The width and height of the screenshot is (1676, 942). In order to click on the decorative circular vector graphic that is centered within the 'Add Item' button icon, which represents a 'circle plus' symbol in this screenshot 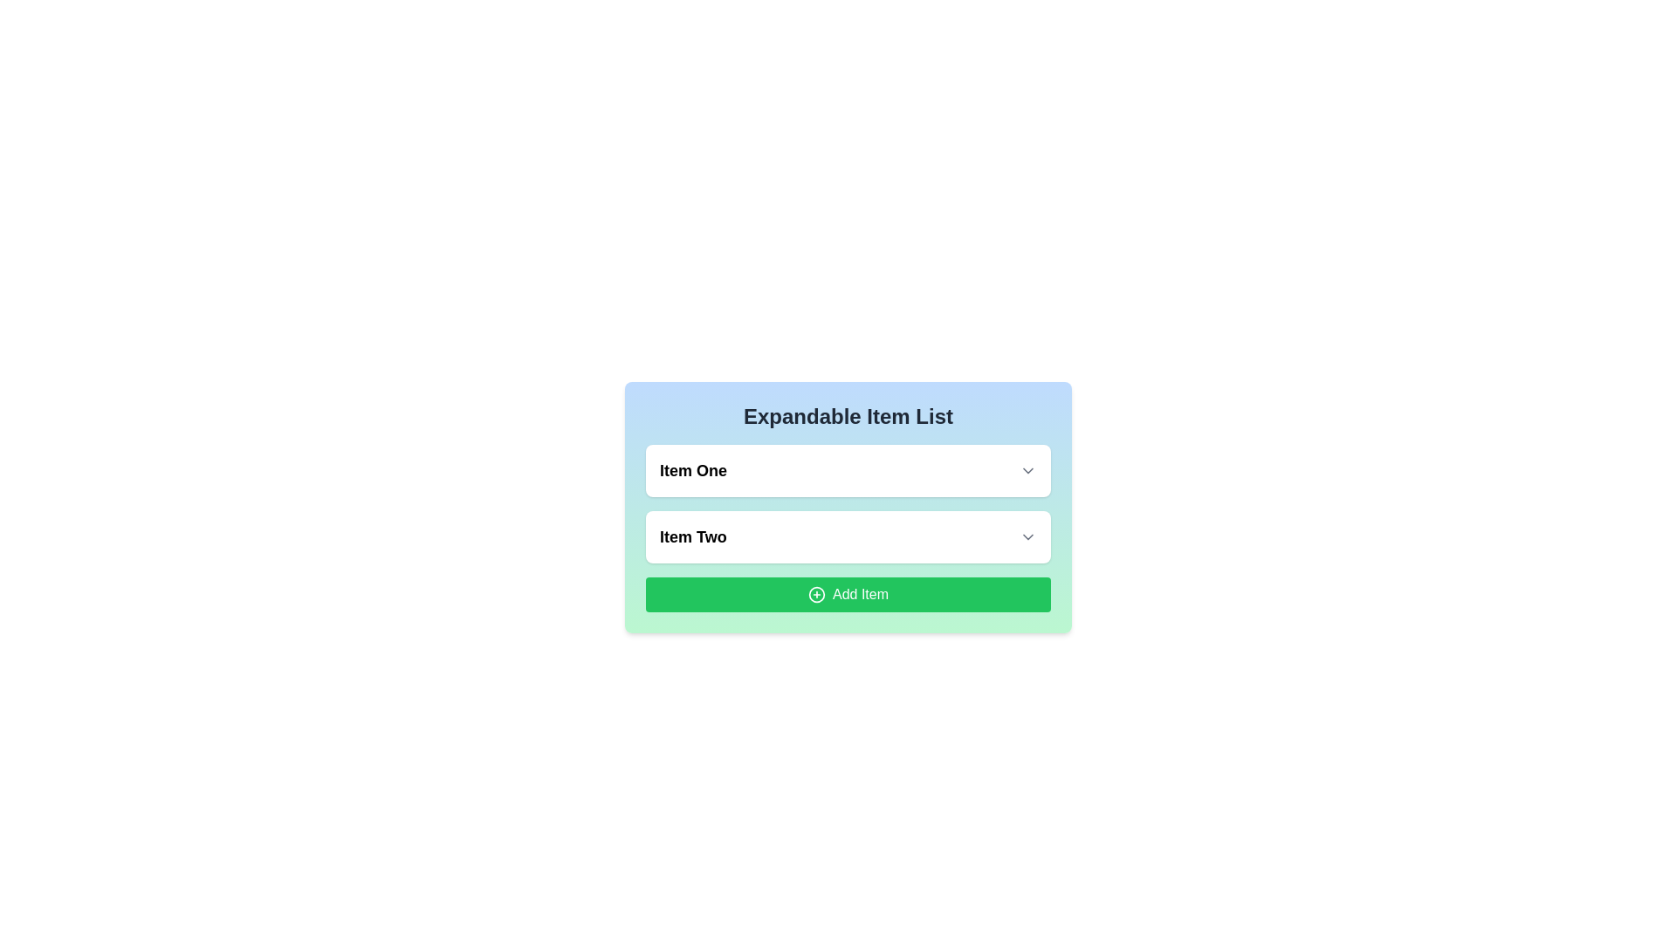, I will do `click(816, 594)`.